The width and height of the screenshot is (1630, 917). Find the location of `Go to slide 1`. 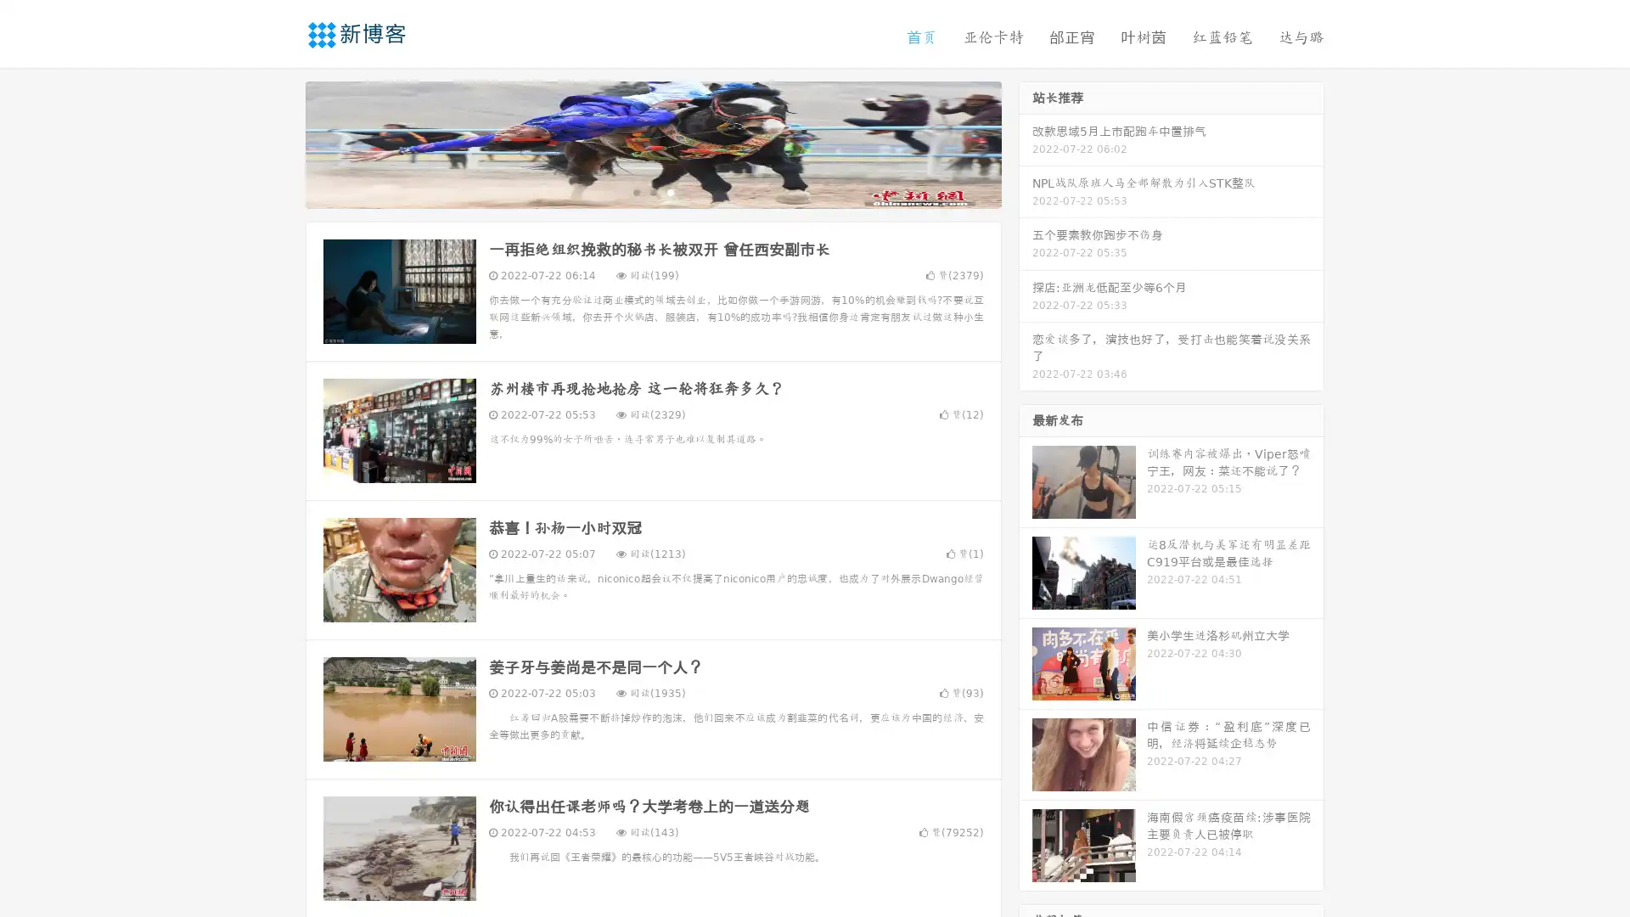

Go to slide 1 is located at coordinates (635, 191).